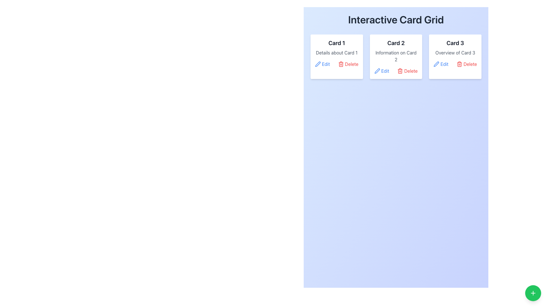 This screenshot has width=548, height=308. What do you see at coordinates (455, 57) in the screenshot?
I see `the interactive options card labeled 'Card 3' located in the top-right corner of the grid` at bounding box center [455, 57].